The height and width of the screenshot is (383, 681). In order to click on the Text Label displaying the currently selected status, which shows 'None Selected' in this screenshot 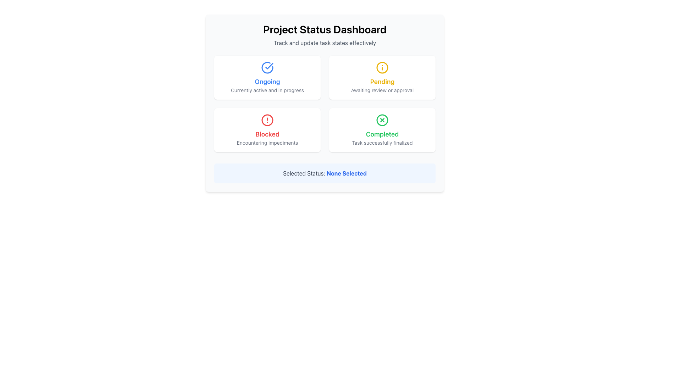, I will do `click(347, 173)`.